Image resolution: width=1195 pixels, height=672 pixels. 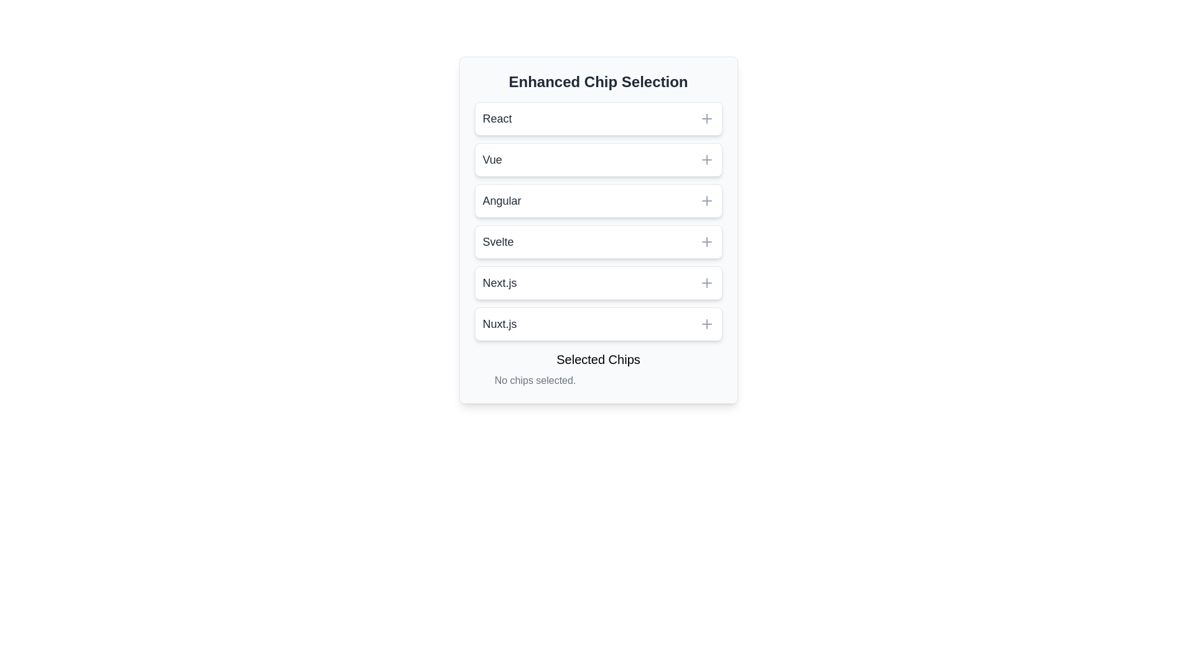 What do you see at coordinates (499, 323) in the screenshot?
I see `the text label displaying 'Nuxt.js' within the card located at the bottom of the vertical list` at bounding box center [499, 323].